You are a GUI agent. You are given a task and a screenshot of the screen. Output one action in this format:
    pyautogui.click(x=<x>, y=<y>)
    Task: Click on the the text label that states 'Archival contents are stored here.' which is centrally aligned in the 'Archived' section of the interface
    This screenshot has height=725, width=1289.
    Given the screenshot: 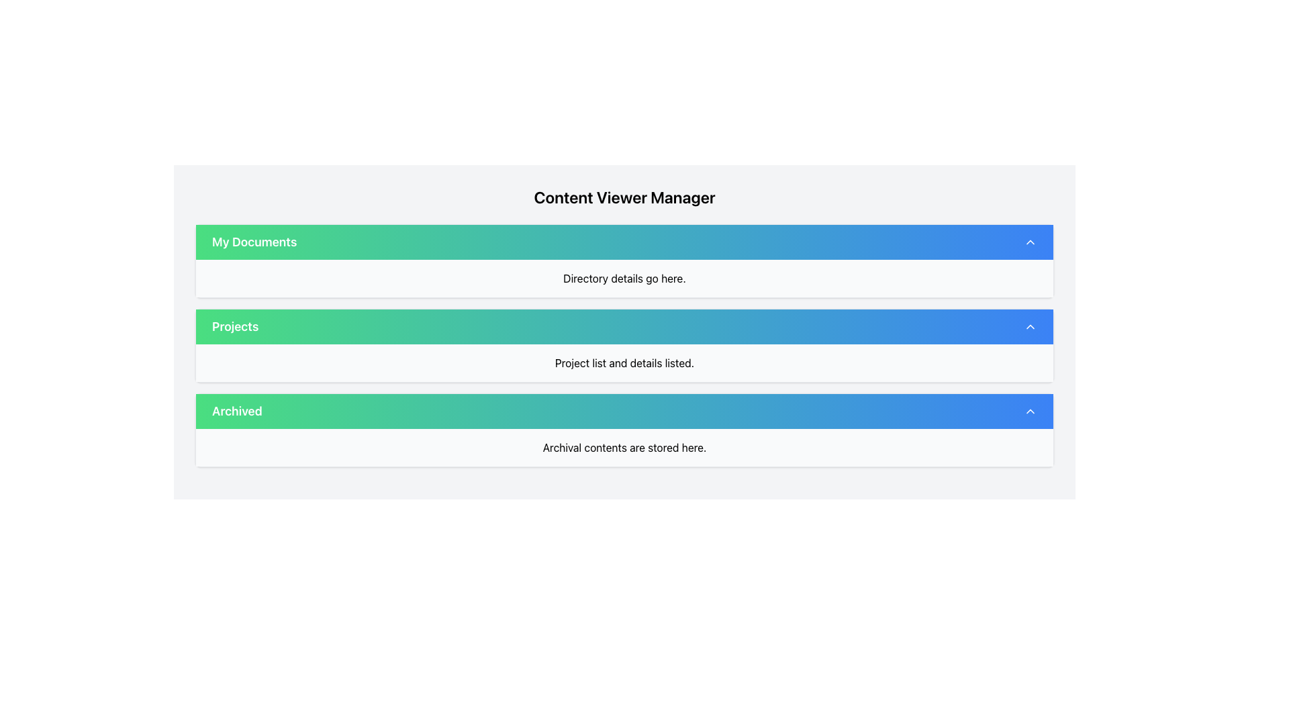 What is the action you would take?
    pyautogui.click(x=624, y=448)
    